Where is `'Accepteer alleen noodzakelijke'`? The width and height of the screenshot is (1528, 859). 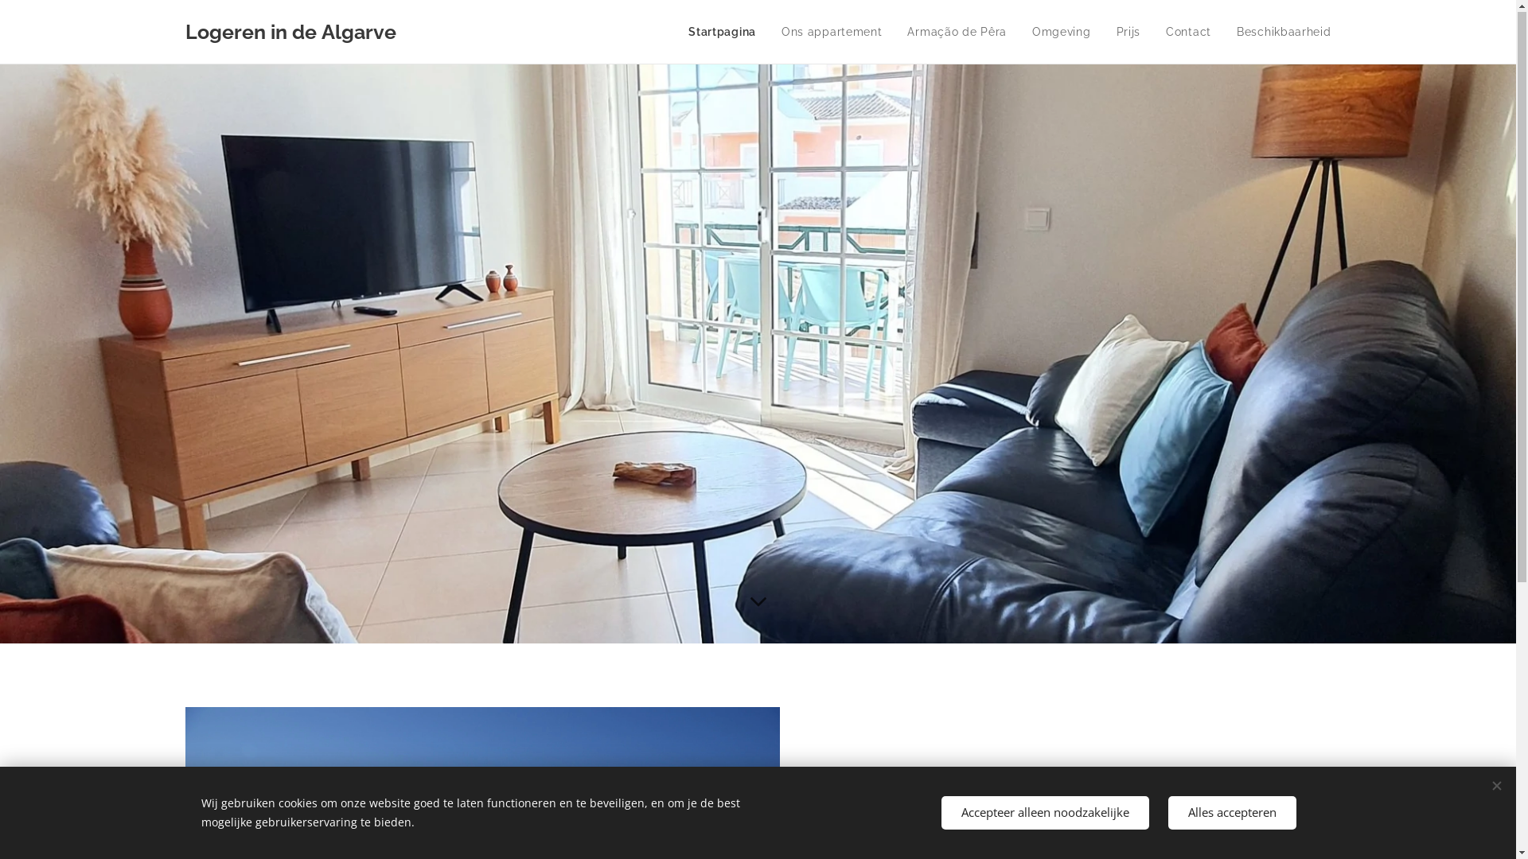 'Accepteer alleen noodzakelijke' is located at coordinates (1044, 813).